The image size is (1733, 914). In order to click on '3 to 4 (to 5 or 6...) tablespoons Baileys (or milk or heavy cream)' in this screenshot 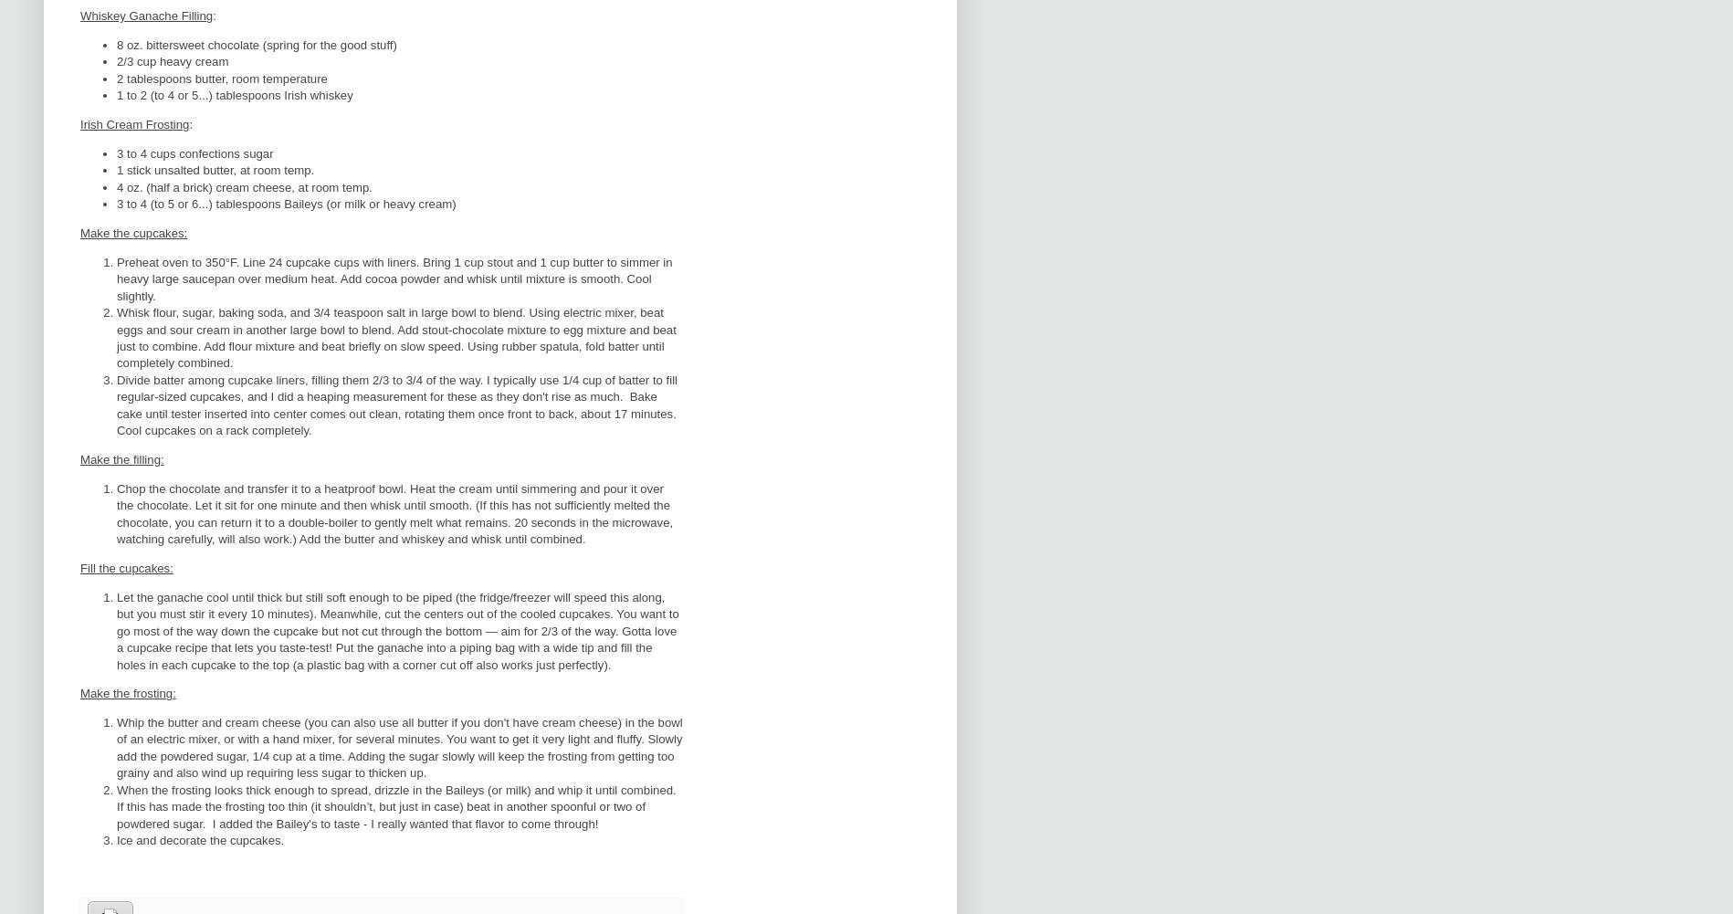, I will do `click(285, 203)`.